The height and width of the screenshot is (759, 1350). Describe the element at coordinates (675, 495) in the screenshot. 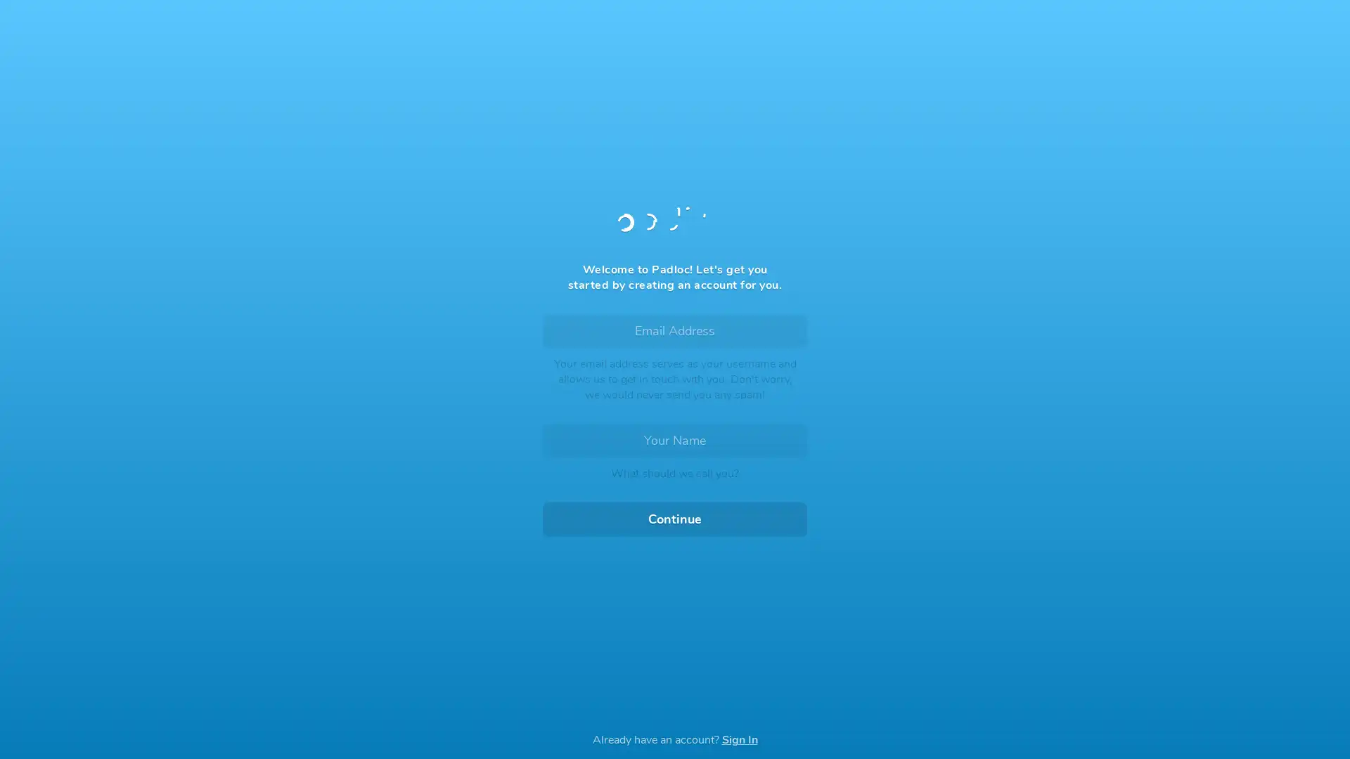

I see `Sign Up Now` at that location.